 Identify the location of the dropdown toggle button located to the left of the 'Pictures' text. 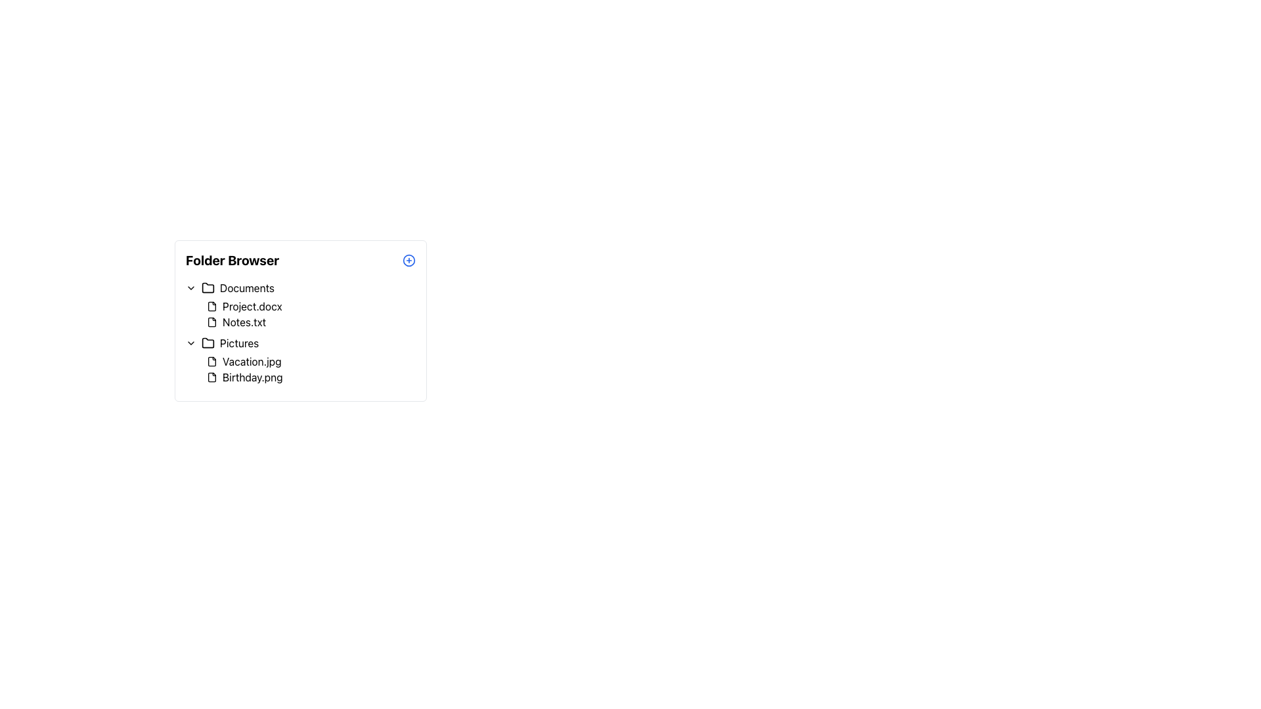
(190, 343).